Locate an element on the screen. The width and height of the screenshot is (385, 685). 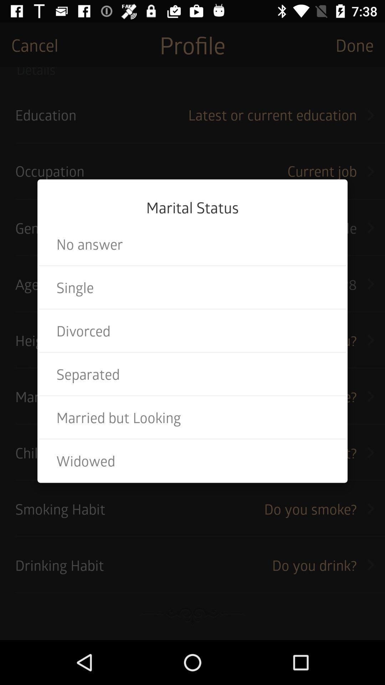
icon above the separated is located at coordinates (192, 330).